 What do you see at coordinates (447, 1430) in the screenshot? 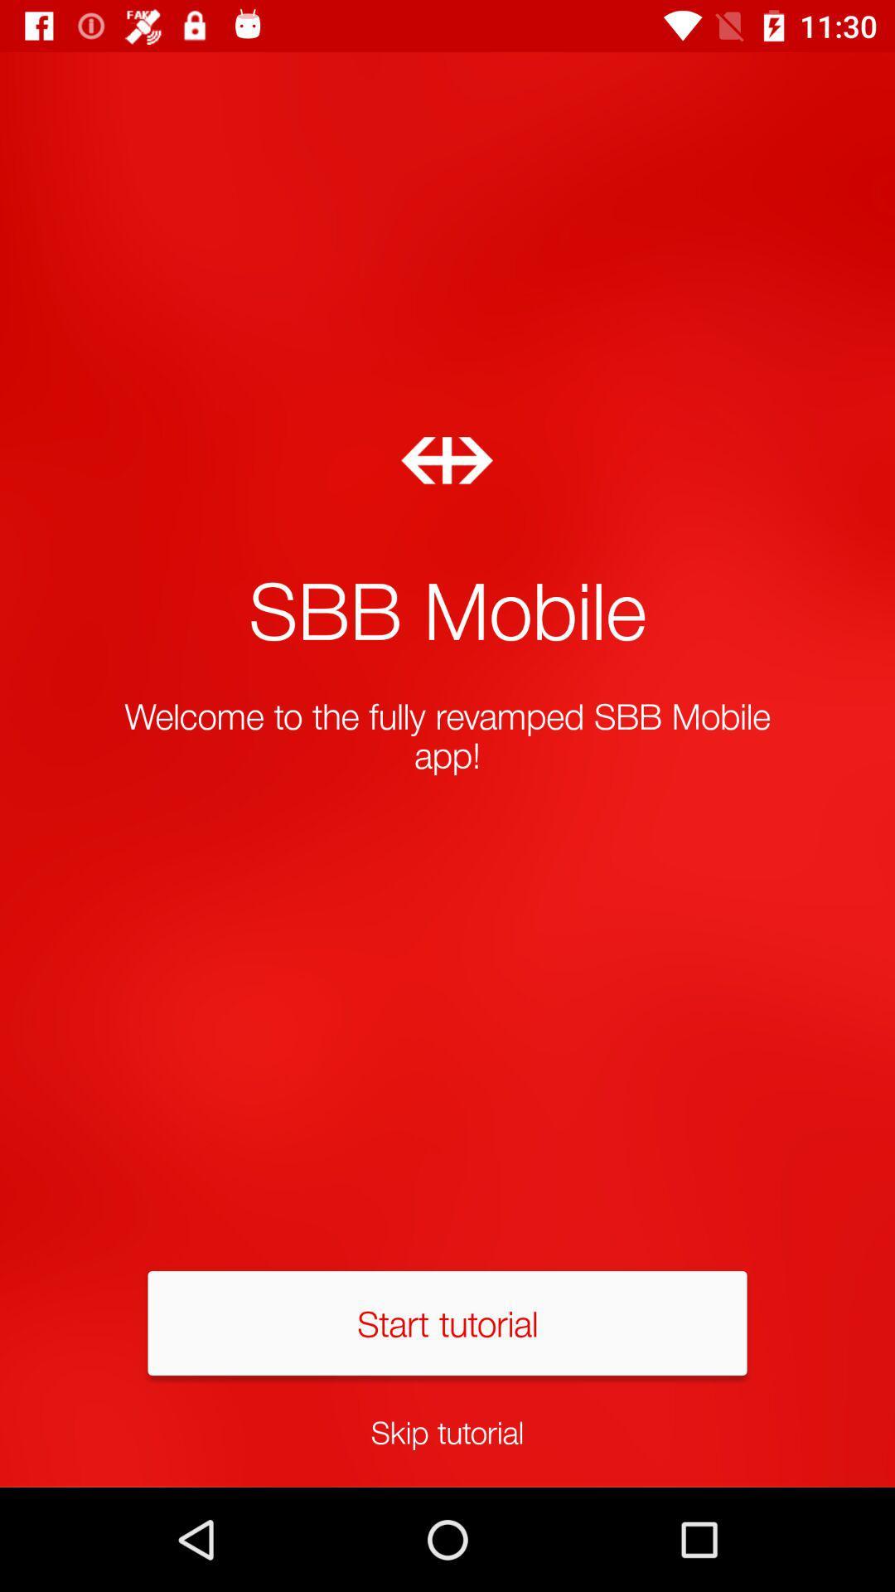
I see `skip tutorial icon` at bounding box center [447, 1430].